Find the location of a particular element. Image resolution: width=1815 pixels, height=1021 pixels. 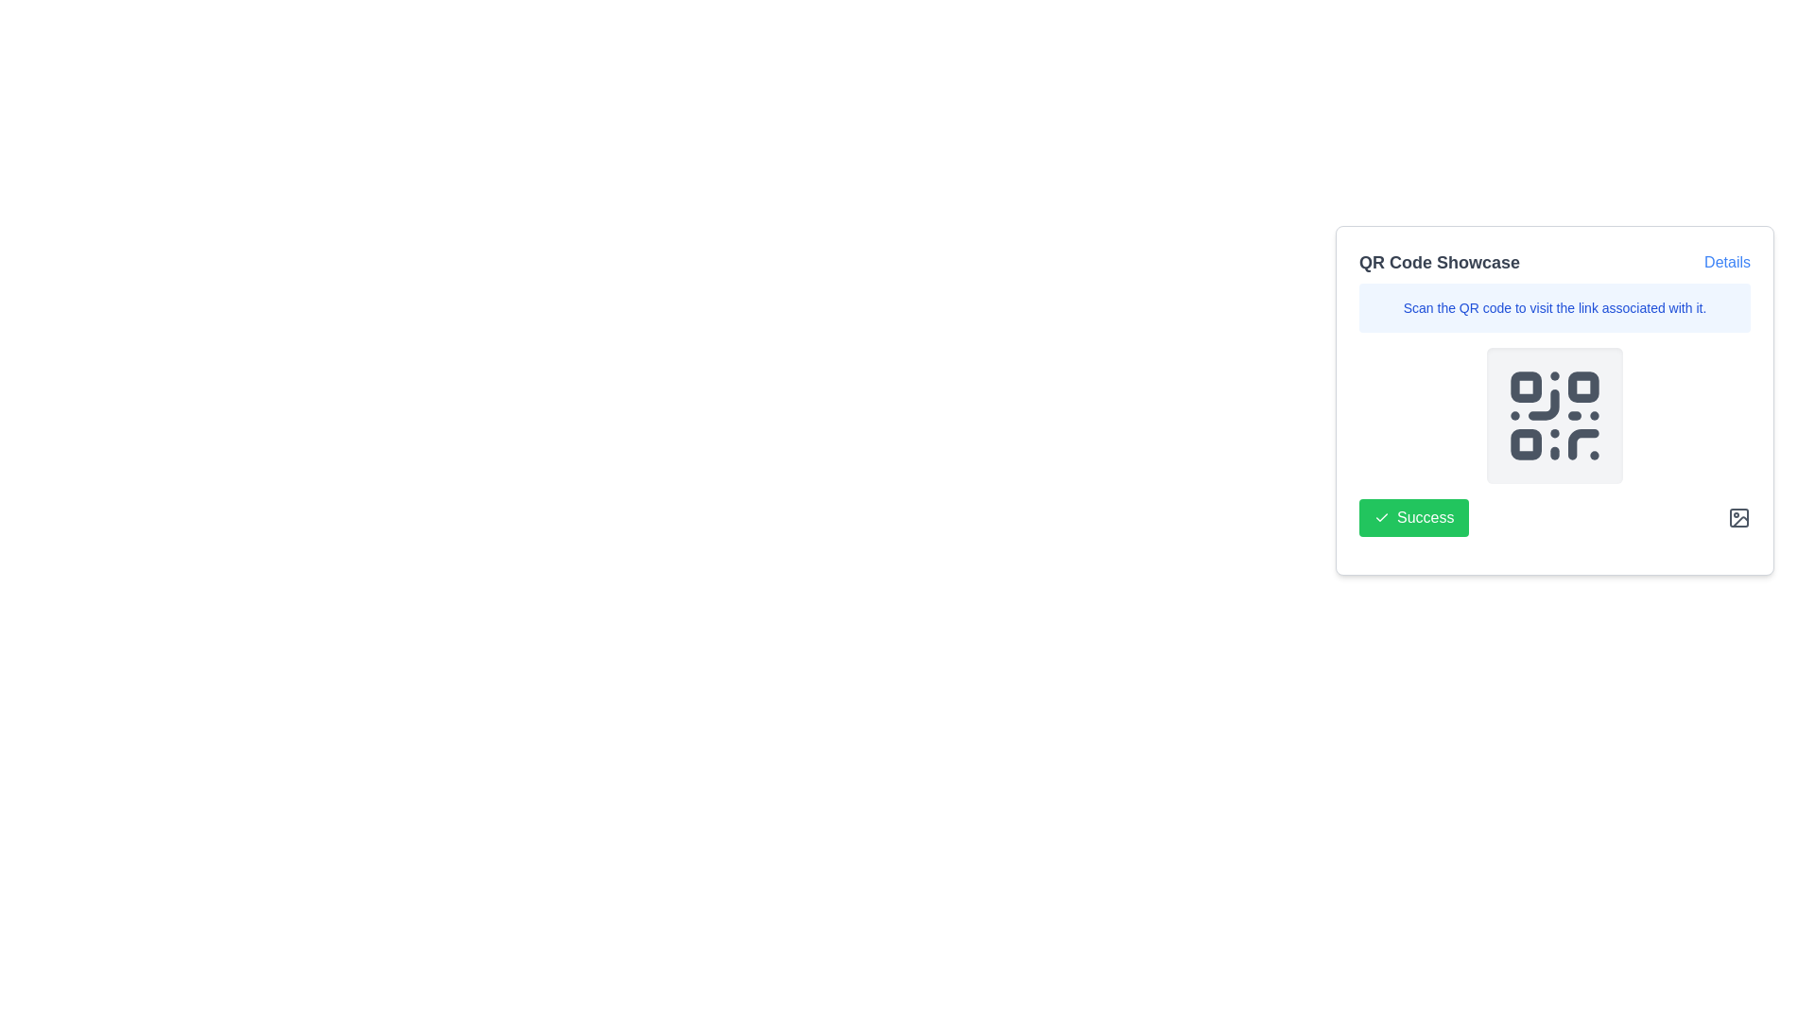

the decorative square element located in the top-right corner of the QR code grid, specifically the second square horizontally in the first row is located at coordinates (1583, 386).